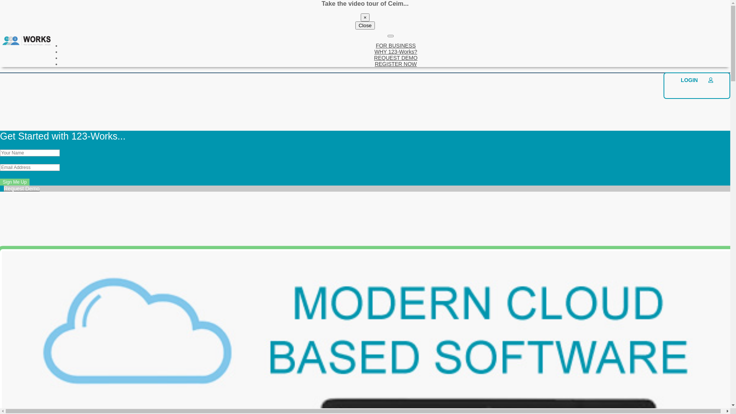 Image resolution: width=736 pixels, height=414 pixels. What do you see at coordinates (15, 182) in the screenshot?
I see `'Sign Me Up'` at bounding box center [15, 182].